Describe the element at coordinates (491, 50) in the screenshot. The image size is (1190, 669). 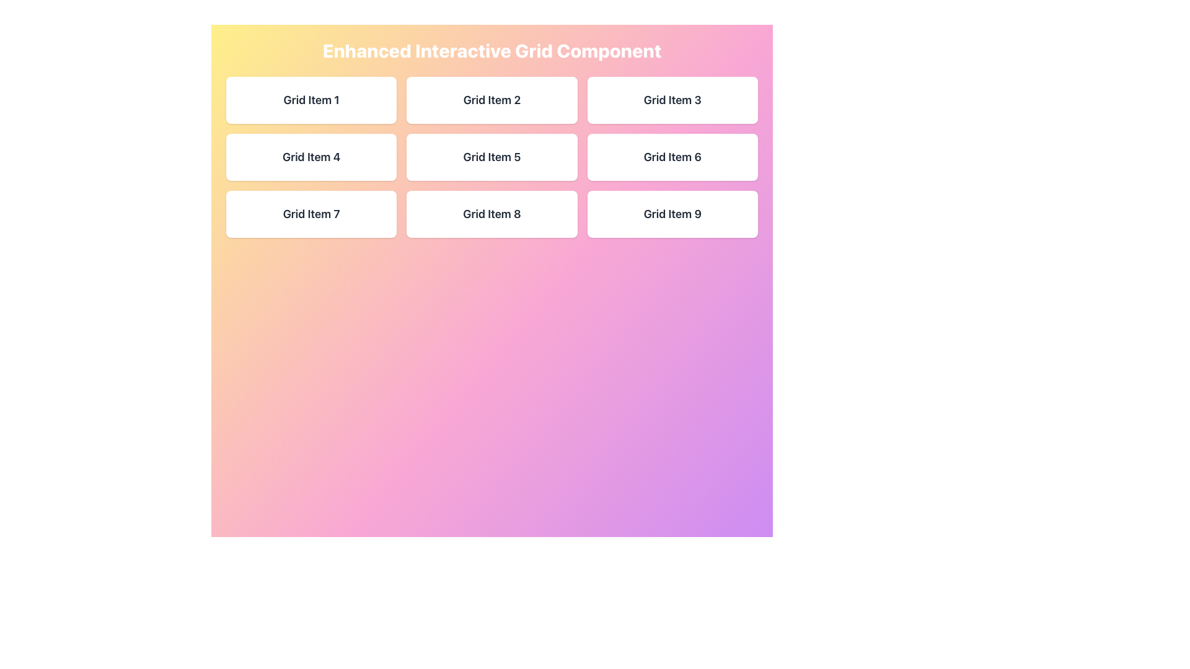
I see `the static text label at the top center of the interface, which serves as the title for the grid component below` at that location.